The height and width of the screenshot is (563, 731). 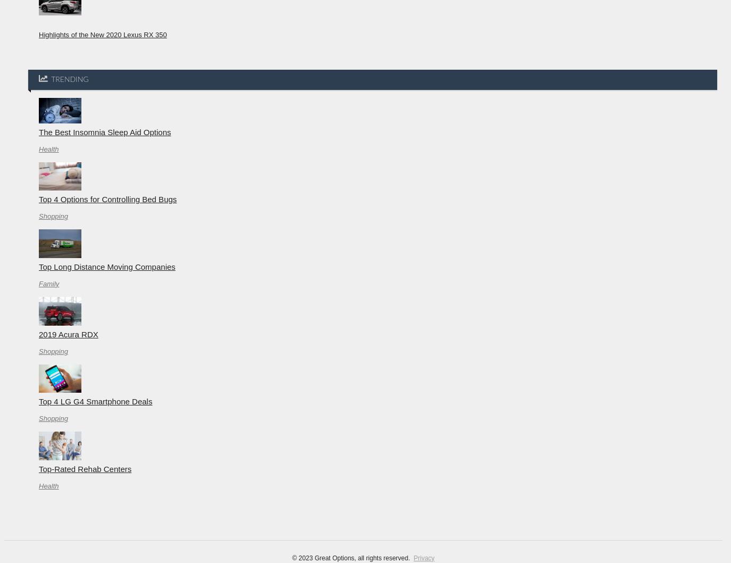 I want to click on 'Top-Rated Rehab Centers', so click(x=84, y=468).